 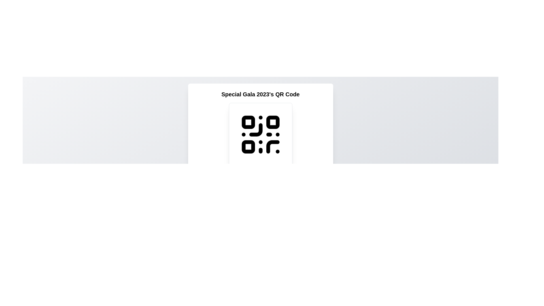 What do you see at coordinates (273, 122) in the screenshot?
I see `the top-right square of the QR code labeled 'Special Gala 2023's QR Code'` at bounding box center [273, 122].